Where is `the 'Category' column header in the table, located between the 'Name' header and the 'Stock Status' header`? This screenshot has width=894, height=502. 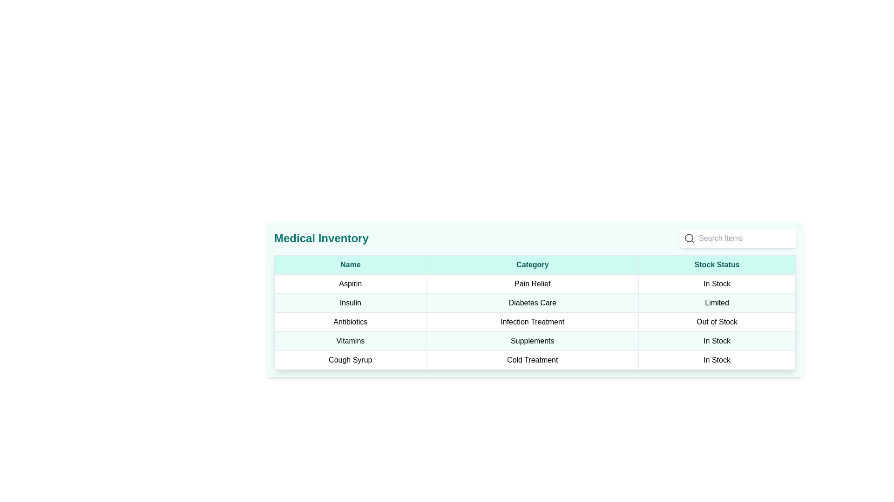
the 'Category' column header in the table, located between the 'Name' header and the 'Stock Status' header is located at coordinates (532, 265).